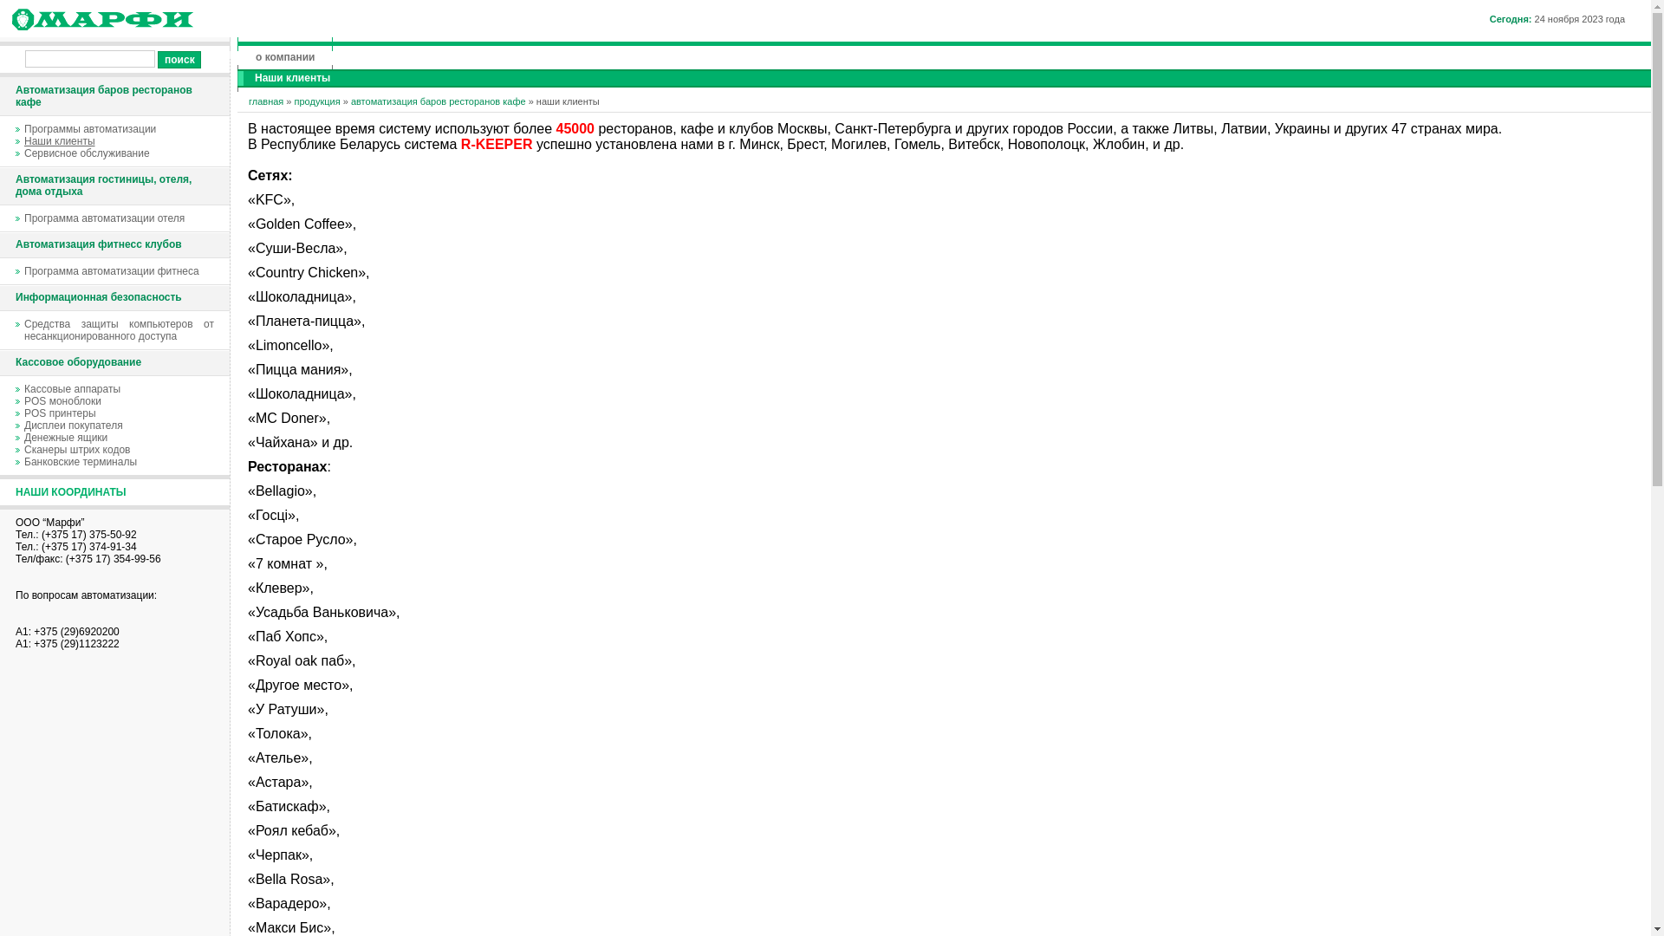 The image size is (1664, 936). I want to click on 'R-KEEPER', so click(461, 143).